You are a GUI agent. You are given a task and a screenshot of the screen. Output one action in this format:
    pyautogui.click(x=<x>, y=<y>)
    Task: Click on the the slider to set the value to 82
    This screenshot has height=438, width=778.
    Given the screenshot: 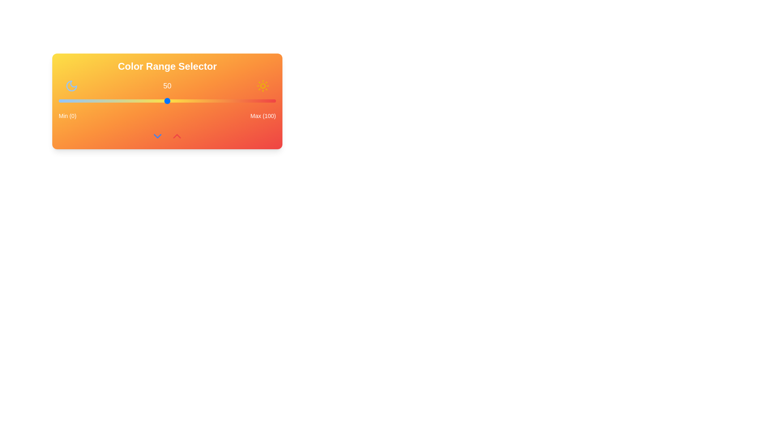 What is the action you would take?
    pyautogui.click(x=236, y=101)
    